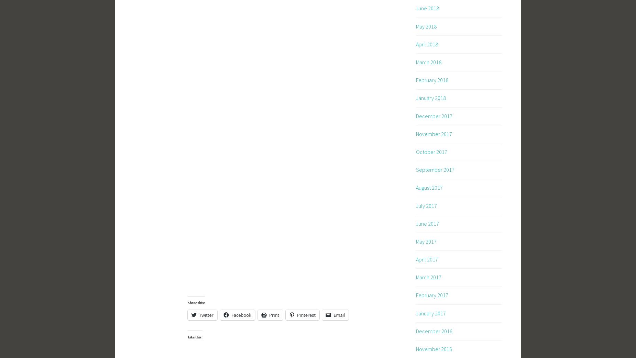 This screenshot has height=358, width=636. I want to click on 'Twitter', so click(206, 314).